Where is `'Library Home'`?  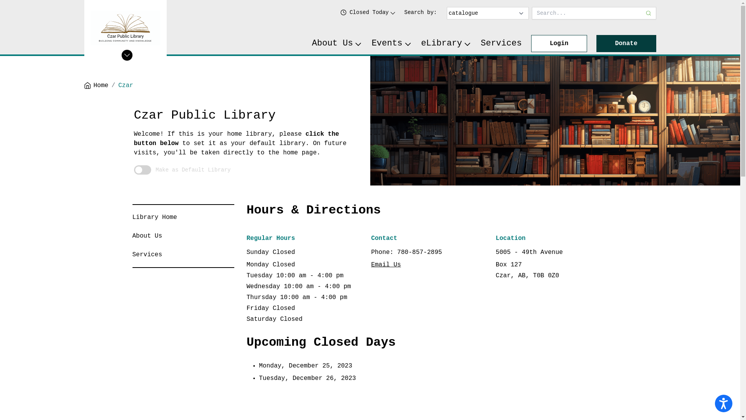 'Library Home' is located at coordinates (154, 217).